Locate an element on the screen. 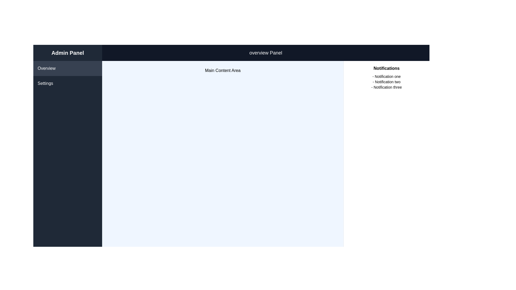 This screenshot has width=516, height=290. notifications displayed in the second slot of the 'Notifications' sidebar, located below the title text 'Notifications' is located at coordinates (386, 82).